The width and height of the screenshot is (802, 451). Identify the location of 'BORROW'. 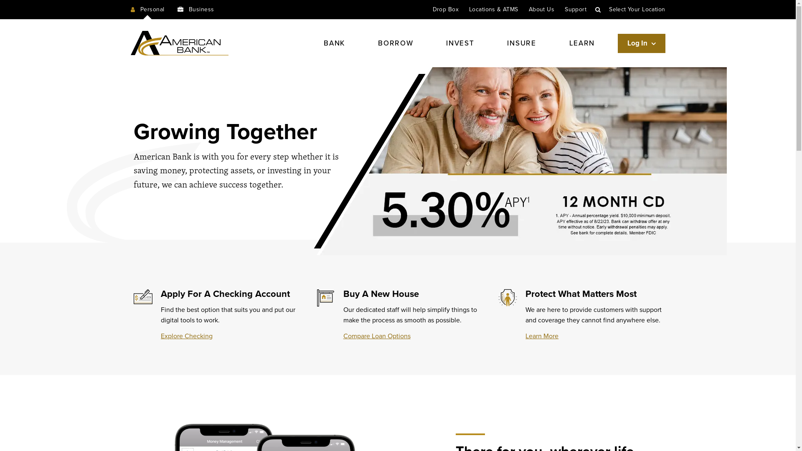
(371, 43).